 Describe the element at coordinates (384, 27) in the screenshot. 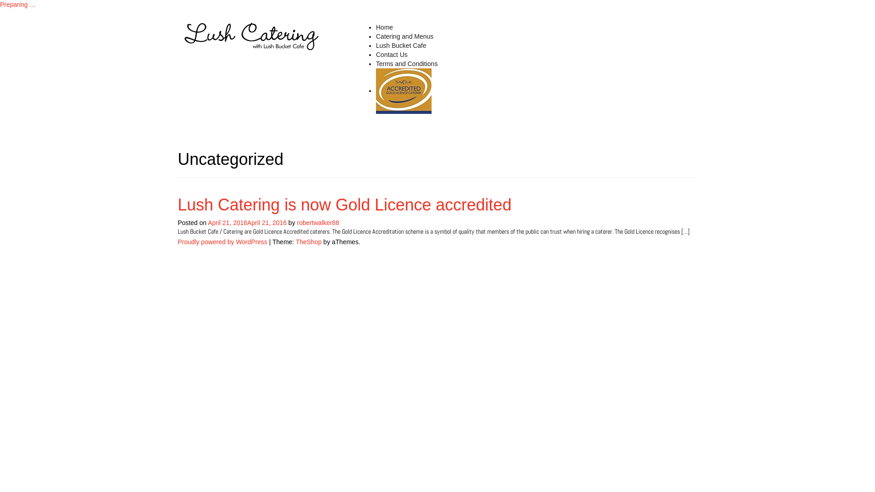

I see `'Home'` at that location.